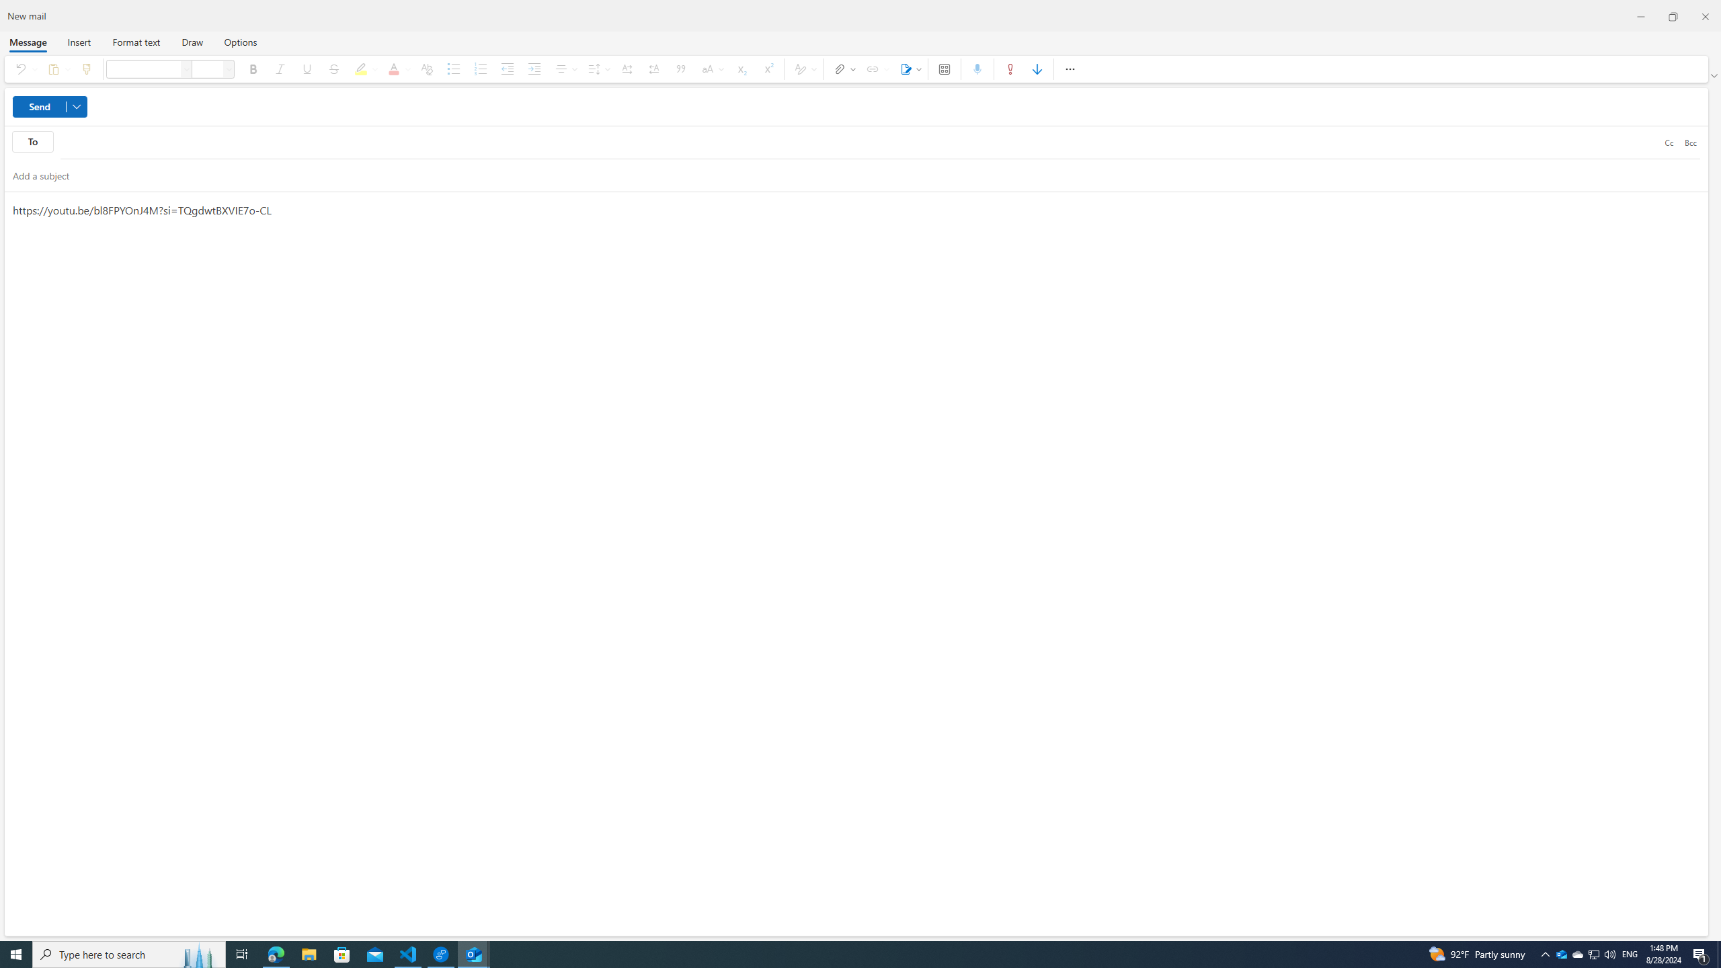 The width and height of the screenshot is (1721, 968). What do you see at coordinates (87, 69) in the screenshot?
I see `'Format painter'` at bounding box center [87, 69].